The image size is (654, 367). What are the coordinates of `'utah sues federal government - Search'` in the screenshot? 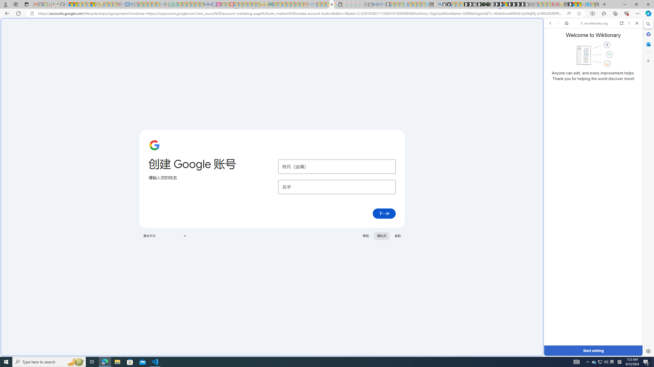 It's located at (414, 174).